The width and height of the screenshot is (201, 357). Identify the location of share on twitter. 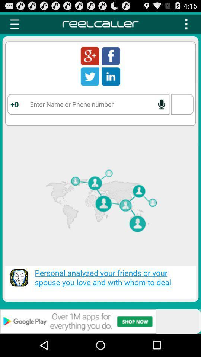
(90, 76).